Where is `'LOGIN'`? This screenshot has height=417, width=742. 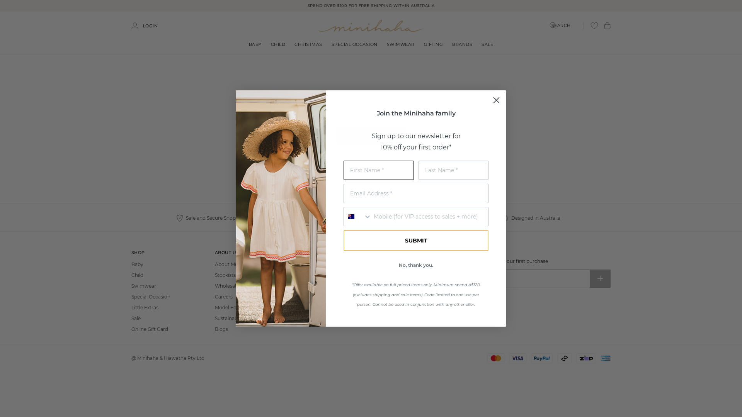 'LOGIN' is located at coordinates (131, 25).